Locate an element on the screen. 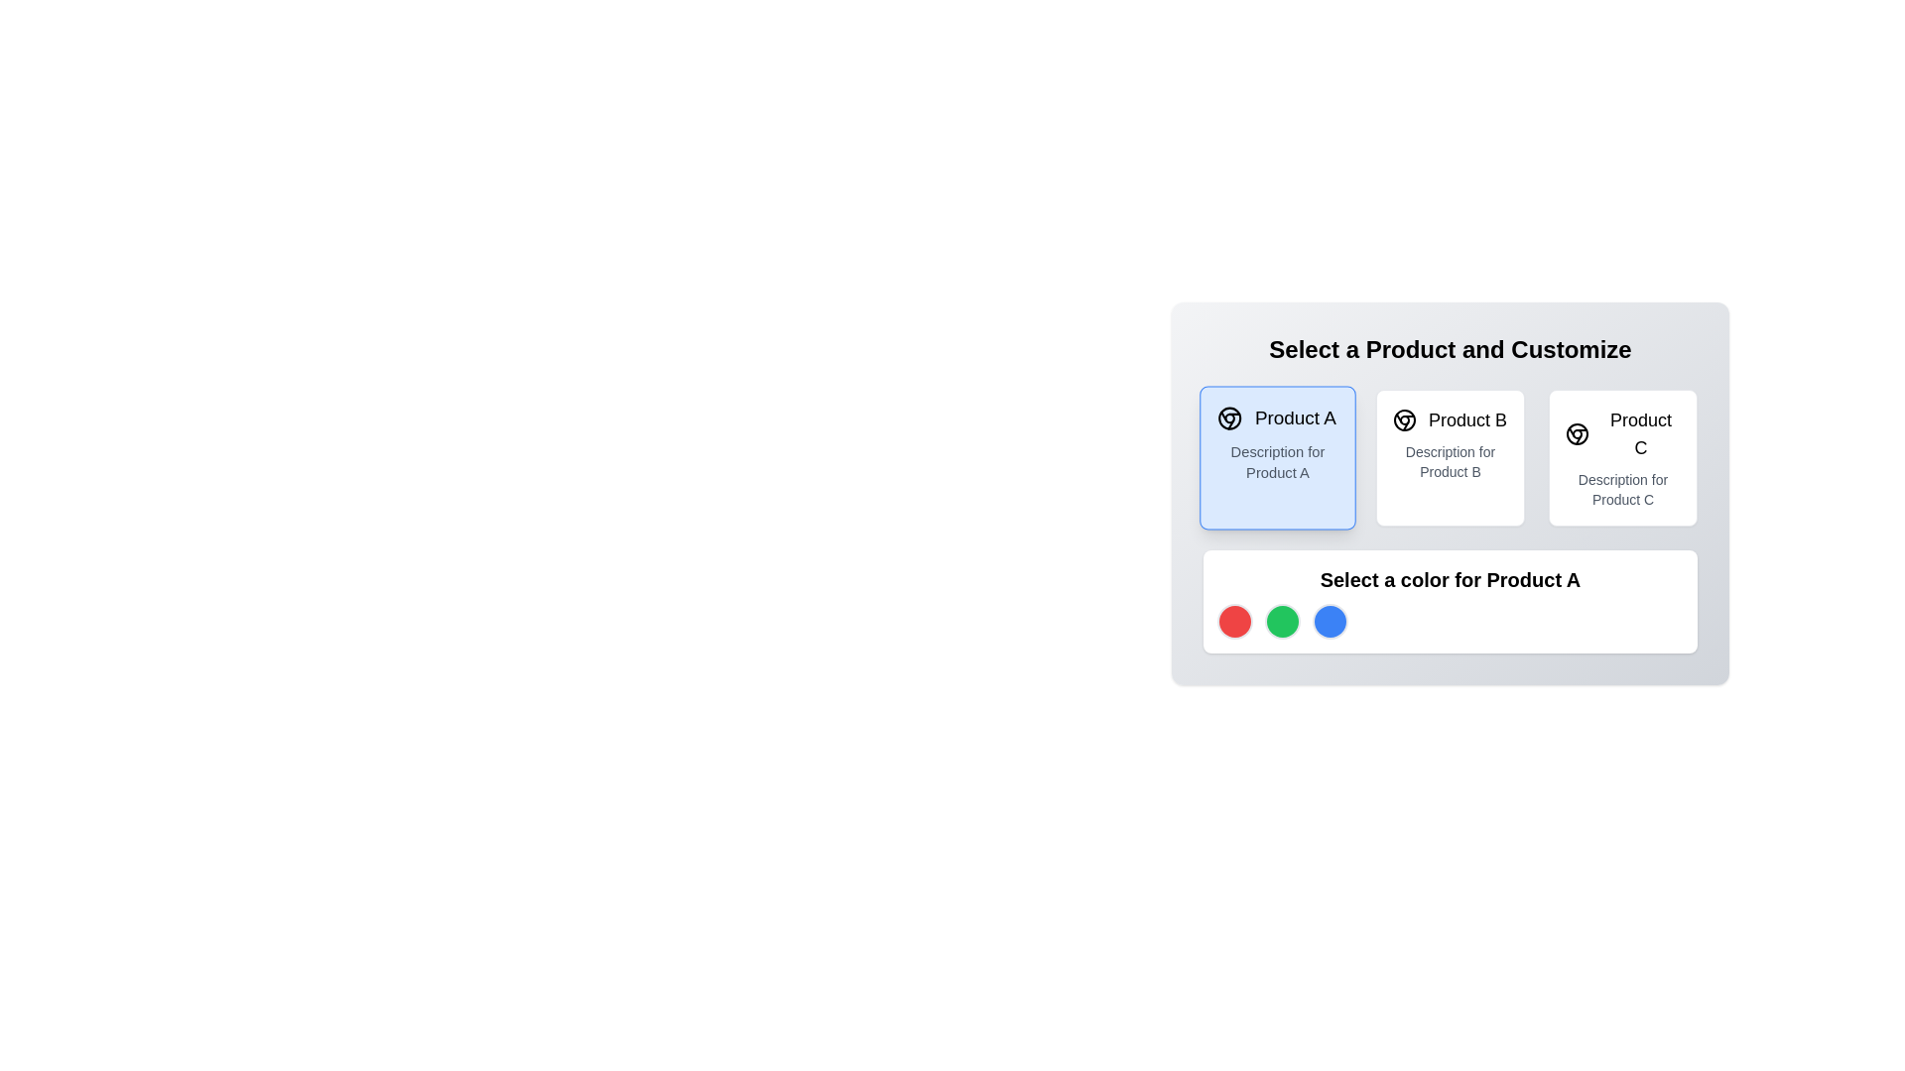 The image size is (1905, 1071). text from the header labeled 'Product C' which is prominently displayed in the third card under the 'Select a Product and Customize' section is located at coordinates (1641, 433).